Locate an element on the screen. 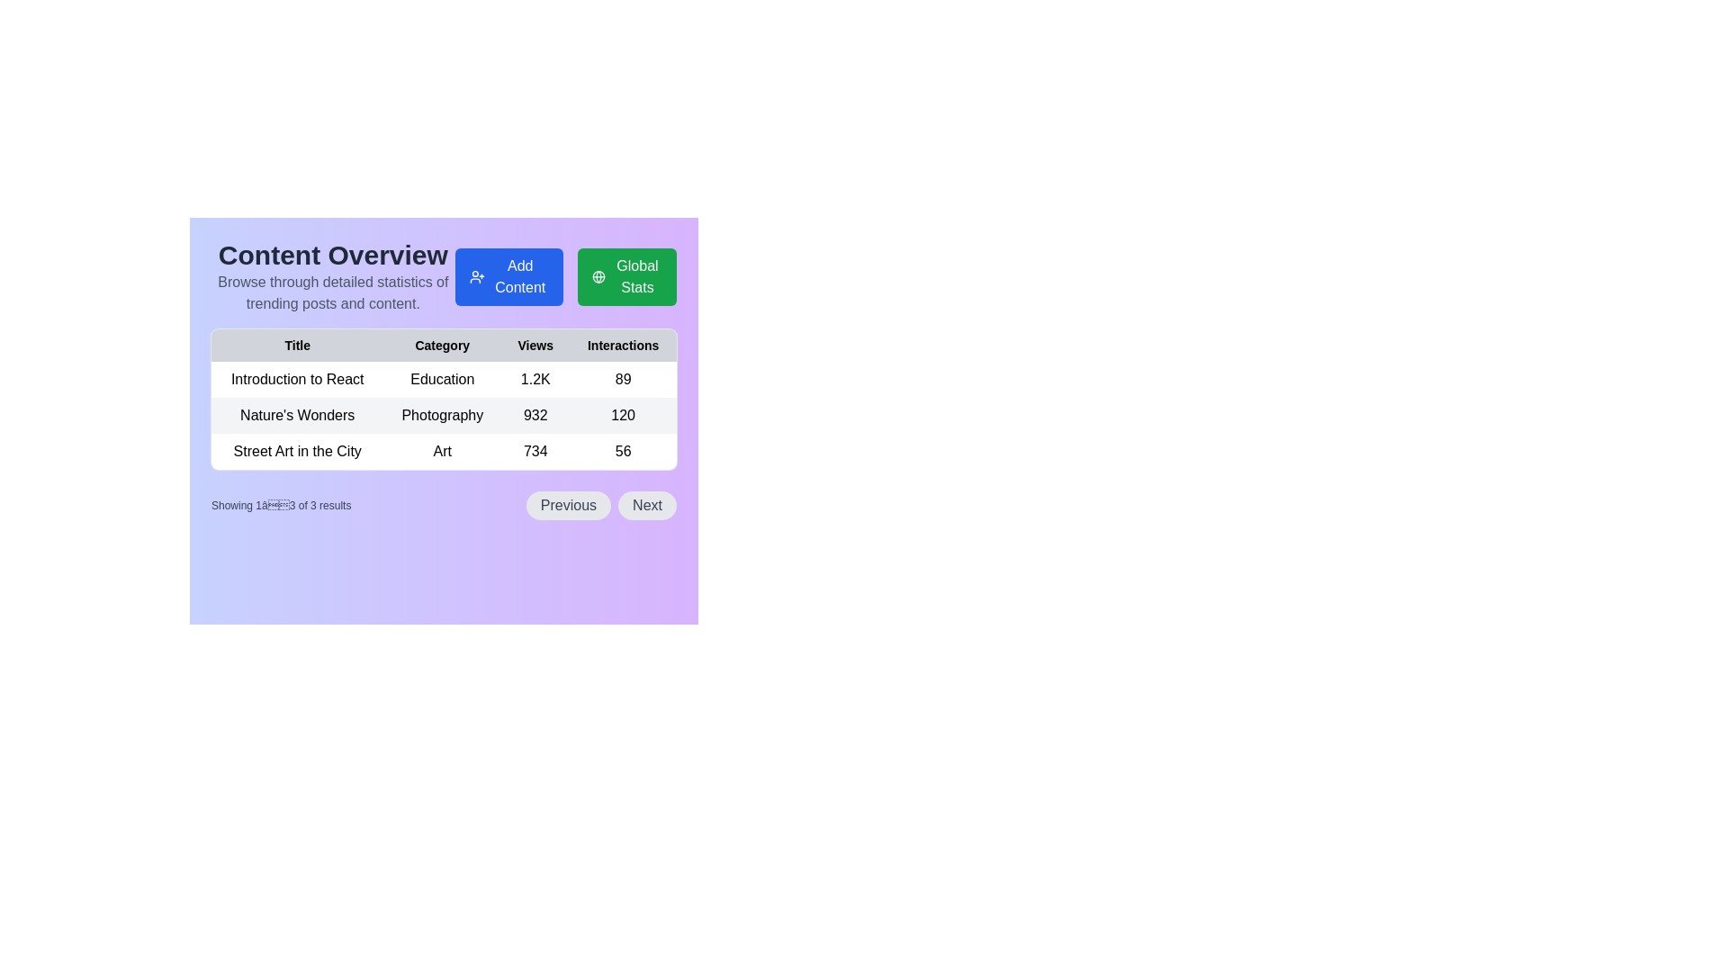 The image size is (1728, 972). the 'Interactions' text label in the header row of the table, which is the fourth column, displaying in bold and small font against a light grey background is located at coordinates (623, 346).